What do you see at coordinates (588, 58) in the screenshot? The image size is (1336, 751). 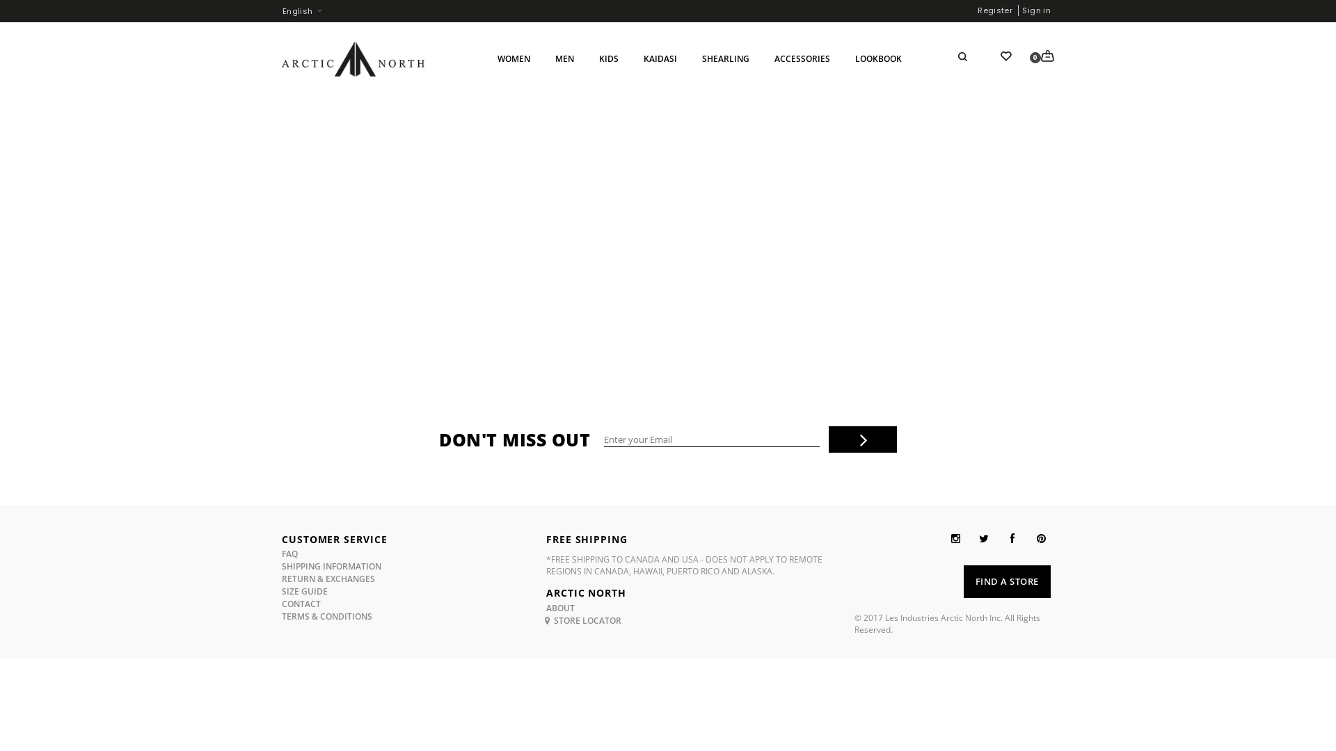 I see `'KIDS'` at bounding box center [588, 58].